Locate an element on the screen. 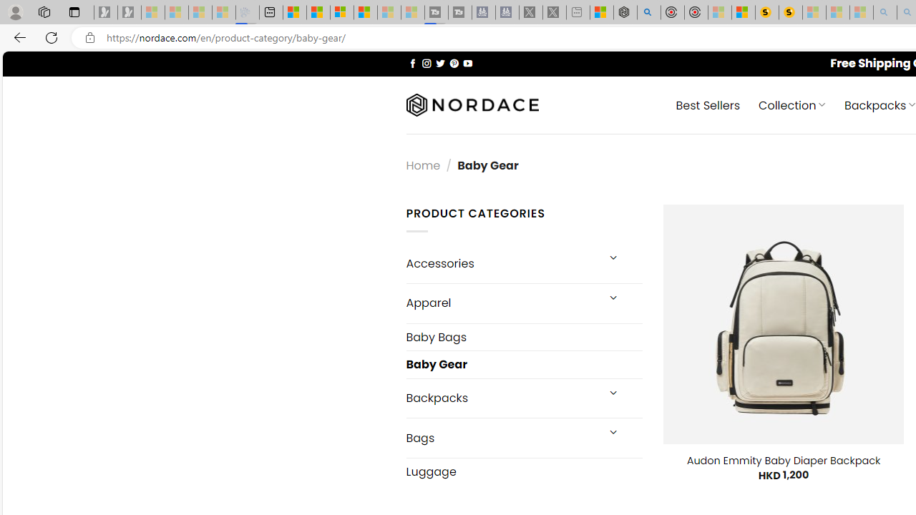  'Baby Bags' is located at coordinates (523, 337).